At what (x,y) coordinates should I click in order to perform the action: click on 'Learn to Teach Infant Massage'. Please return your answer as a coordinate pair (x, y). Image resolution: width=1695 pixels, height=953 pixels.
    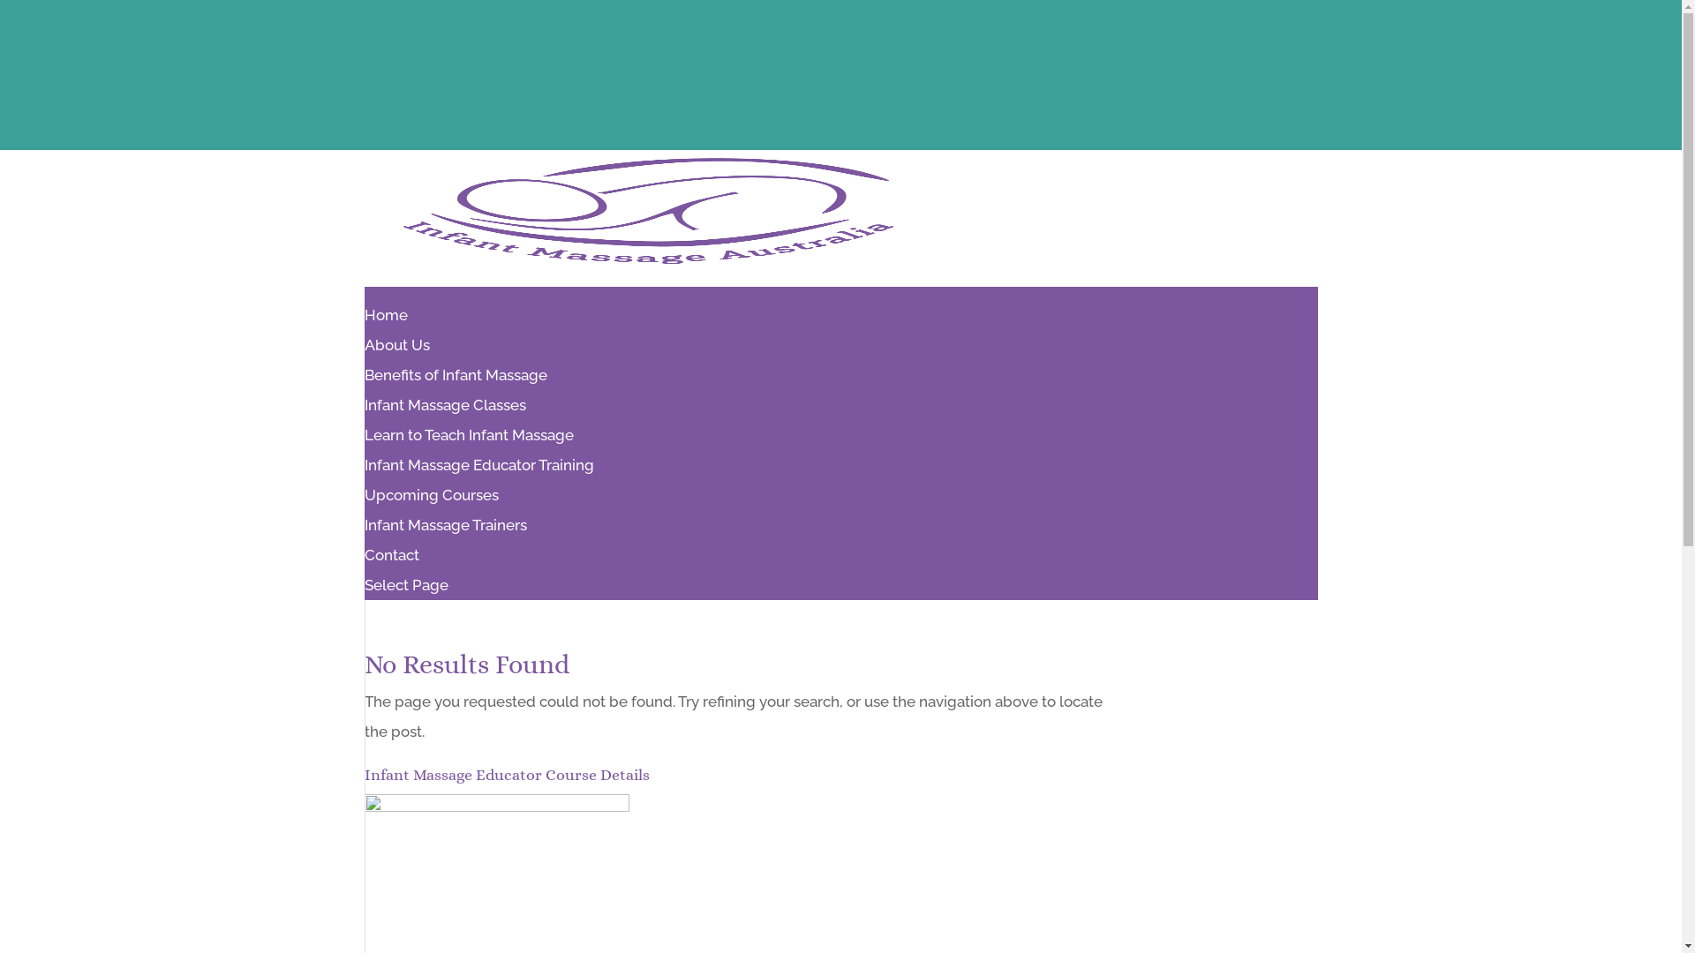
    Looking at the image, I should click on (468, 442).